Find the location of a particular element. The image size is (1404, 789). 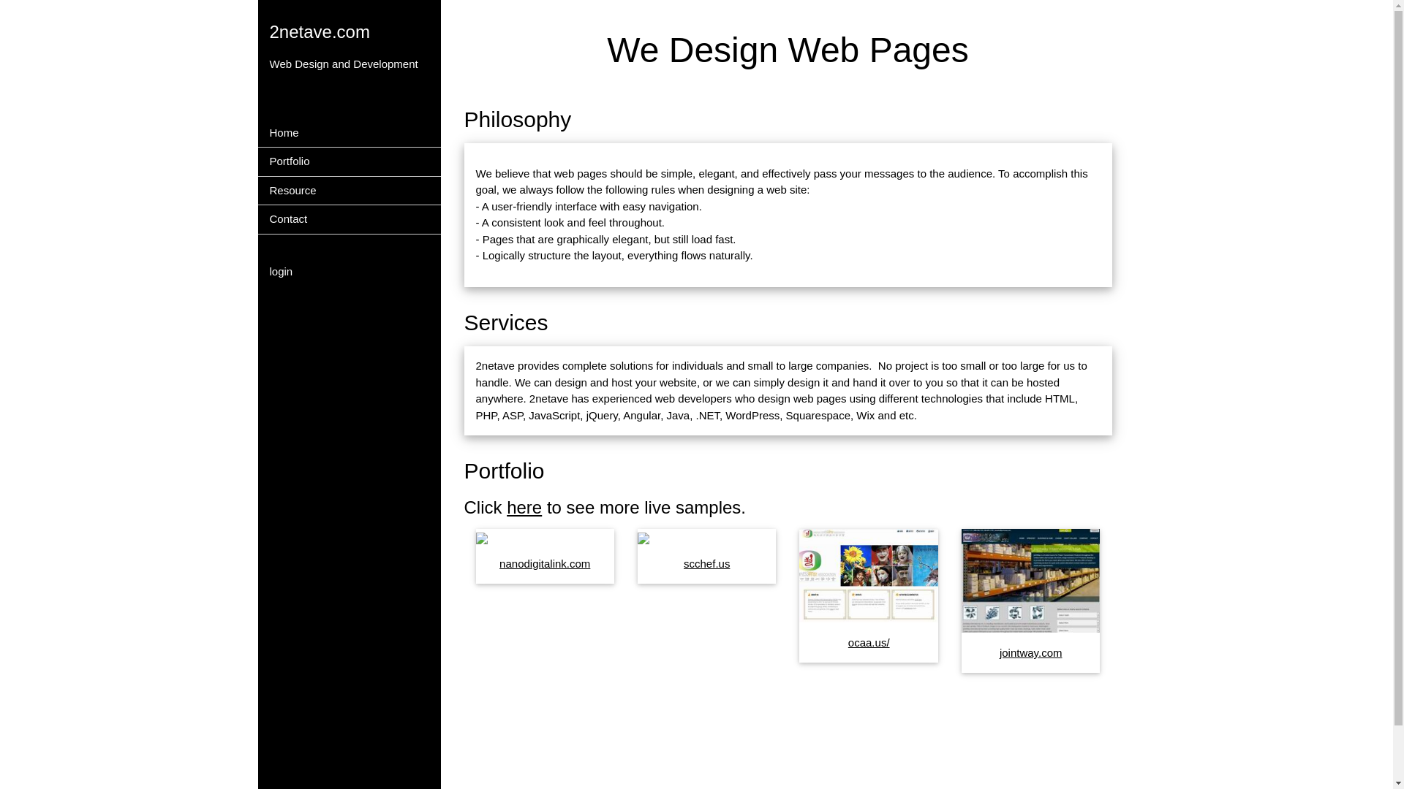

'nanodigitalink.com' is located at coordinates (543, 563).